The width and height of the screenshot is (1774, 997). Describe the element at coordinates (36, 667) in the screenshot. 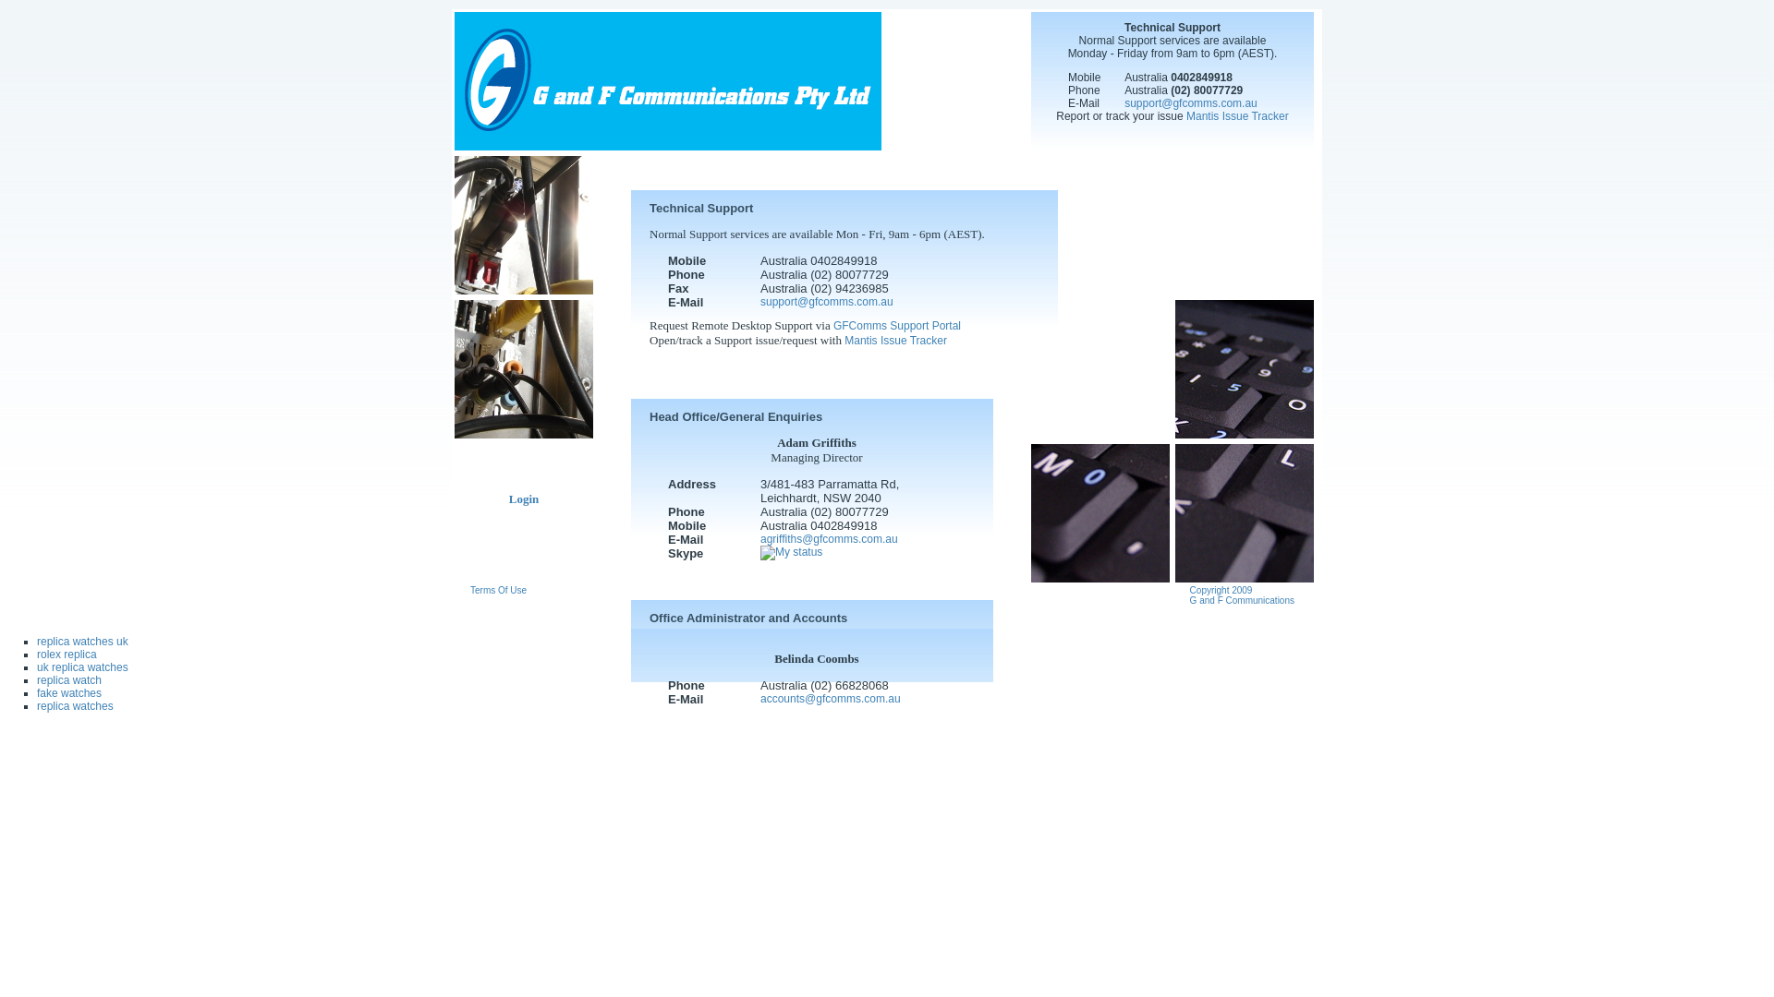

I see `'uk replica watches'` at that location.